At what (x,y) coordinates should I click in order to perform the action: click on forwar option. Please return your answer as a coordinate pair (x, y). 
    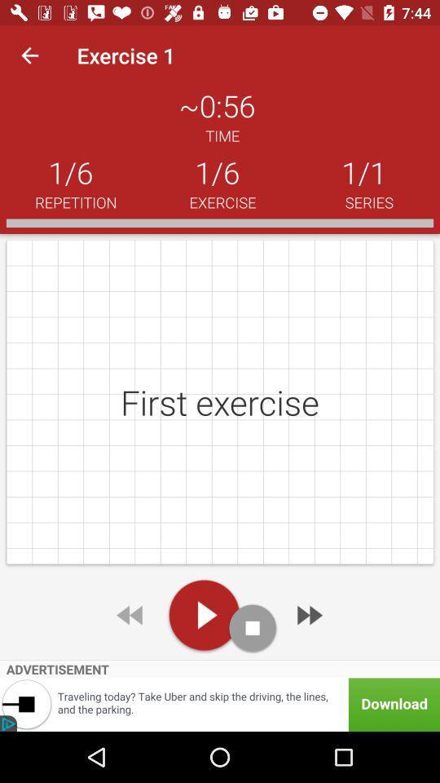
    Looking at the image, I should click on (308, 614).